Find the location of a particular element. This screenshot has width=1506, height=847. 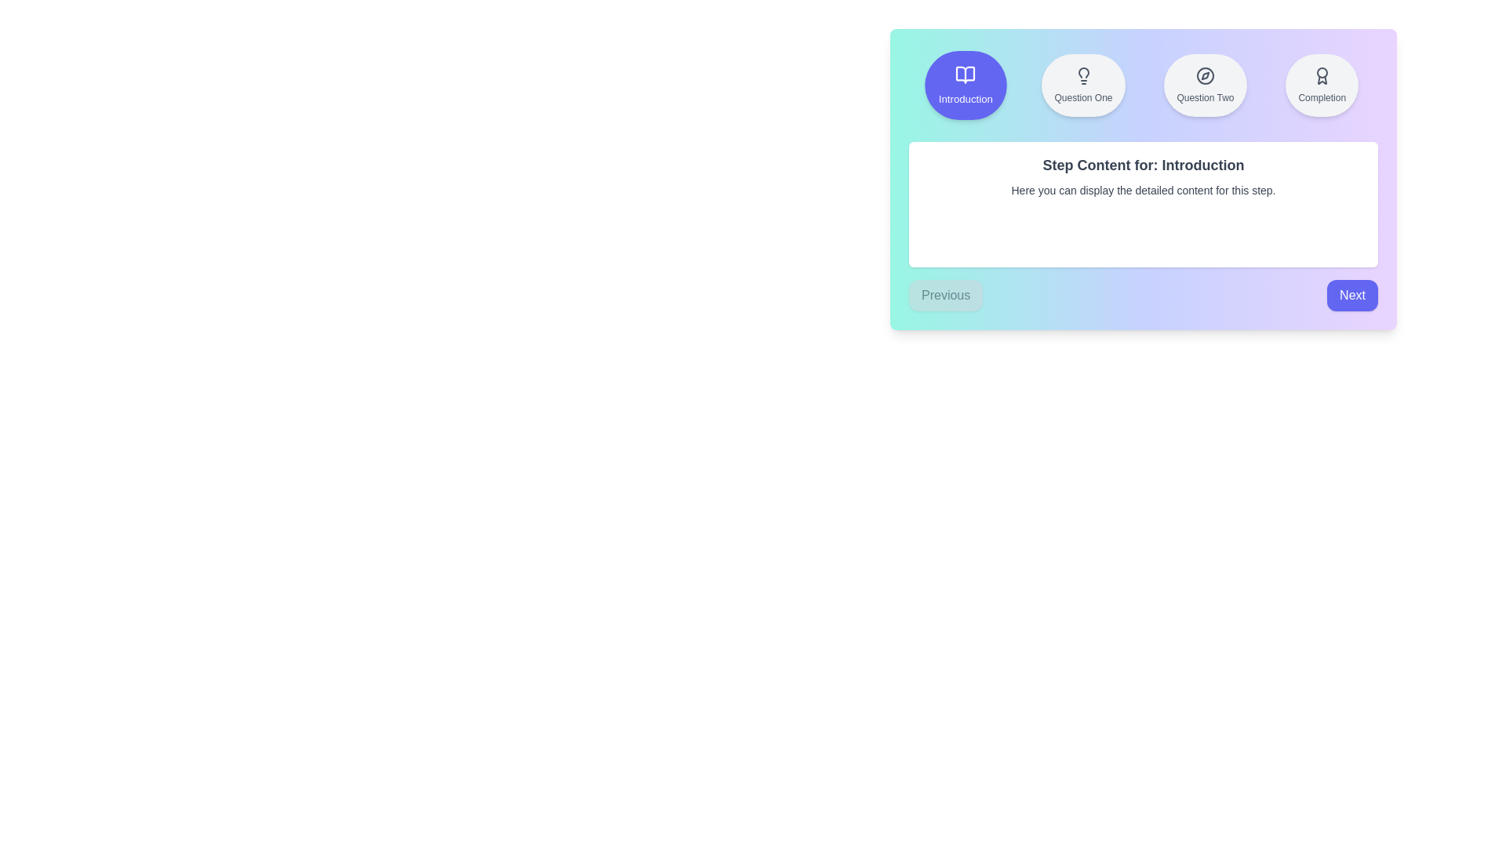

the 'Next' button to navigate to the next step is located at coordinates (1351, 296).